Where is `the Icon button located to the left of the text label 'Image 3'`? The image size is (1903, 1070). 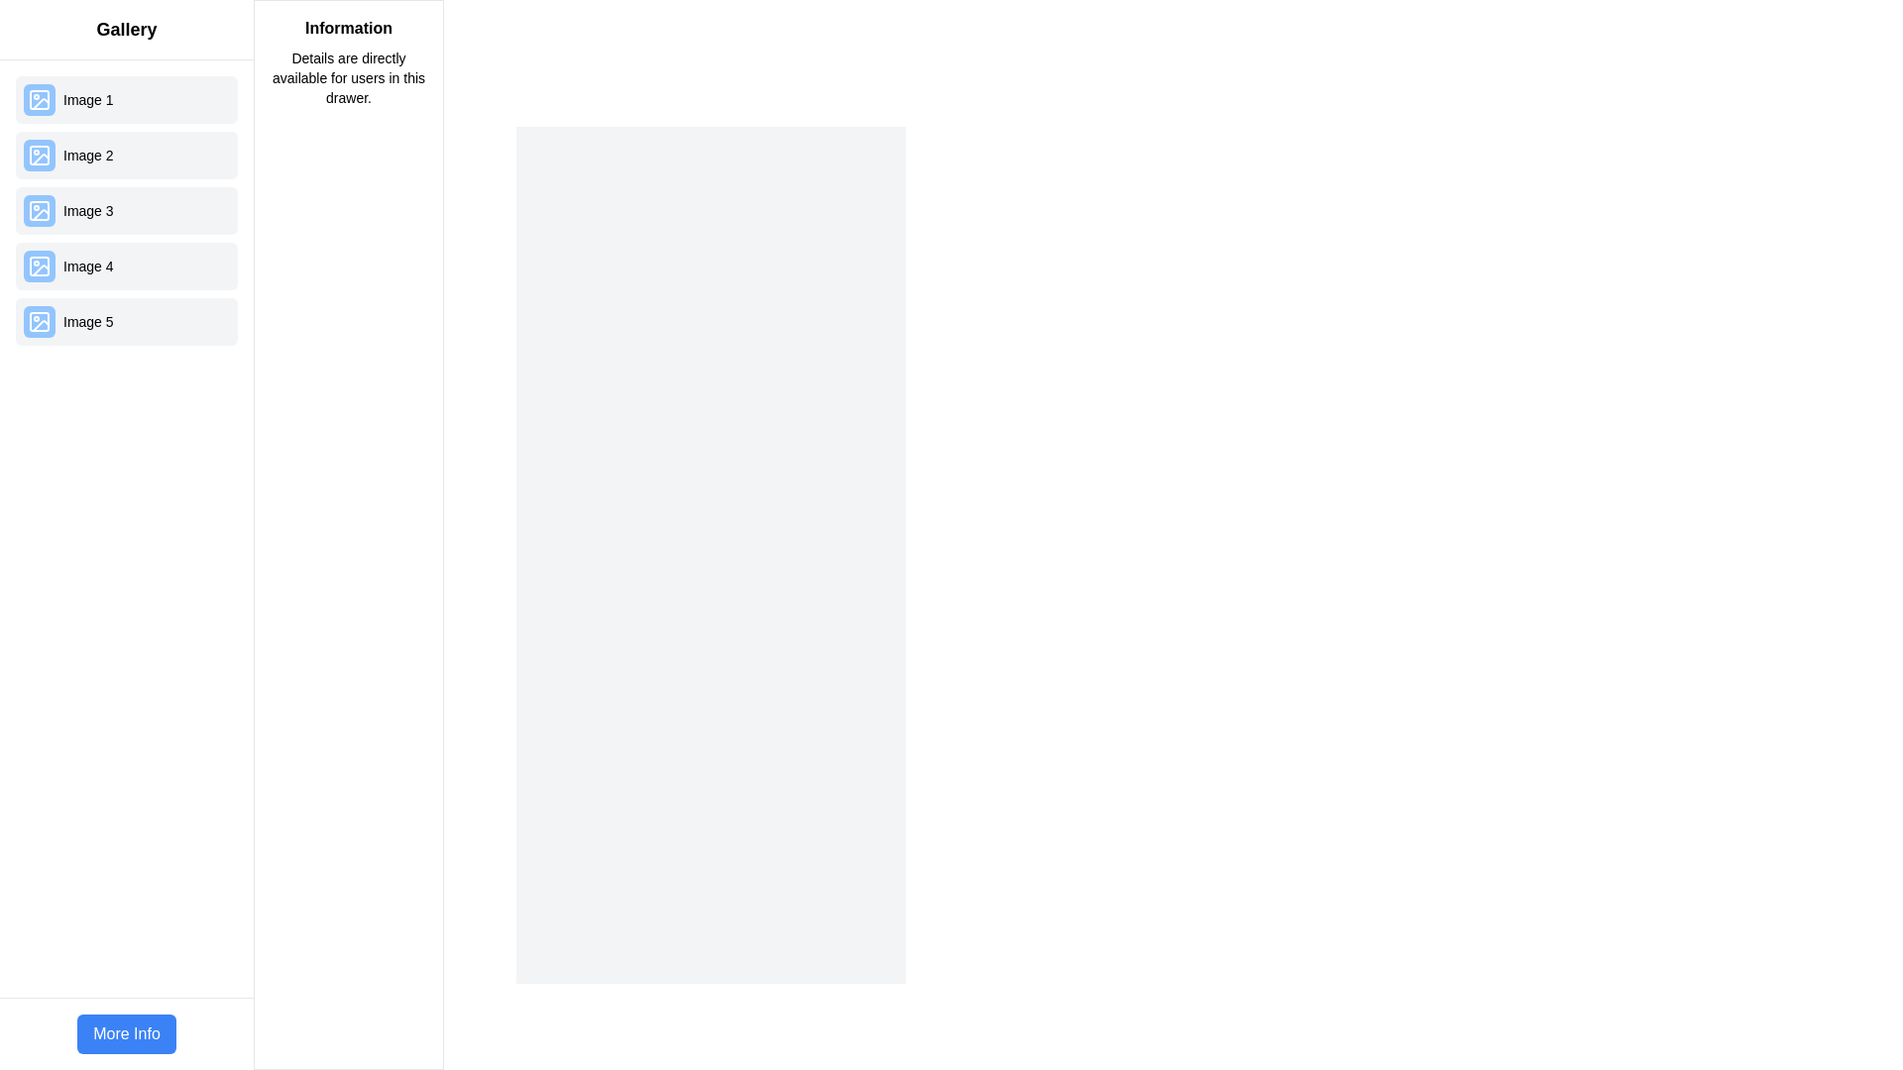
the Icon button located to the left of the text label 'Image 3' is located at coordinates (39, 210).